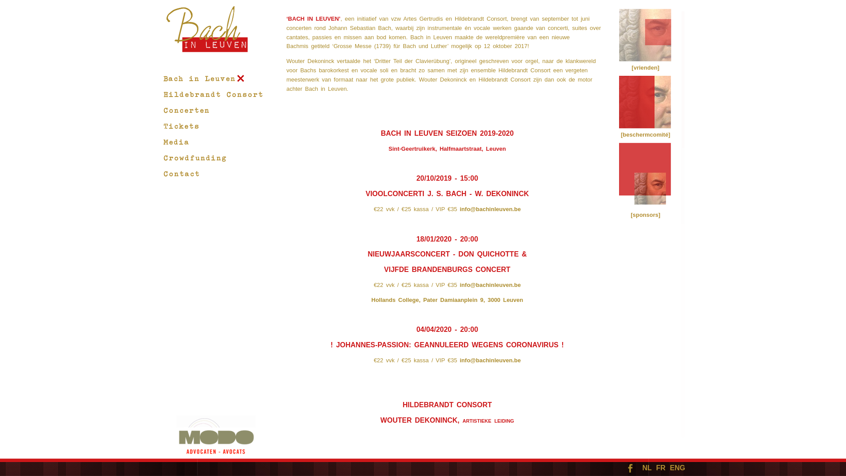 This screenshot has height=476, width=846. I want to click on 'Hildebrandt Consort', so click(213, 94).